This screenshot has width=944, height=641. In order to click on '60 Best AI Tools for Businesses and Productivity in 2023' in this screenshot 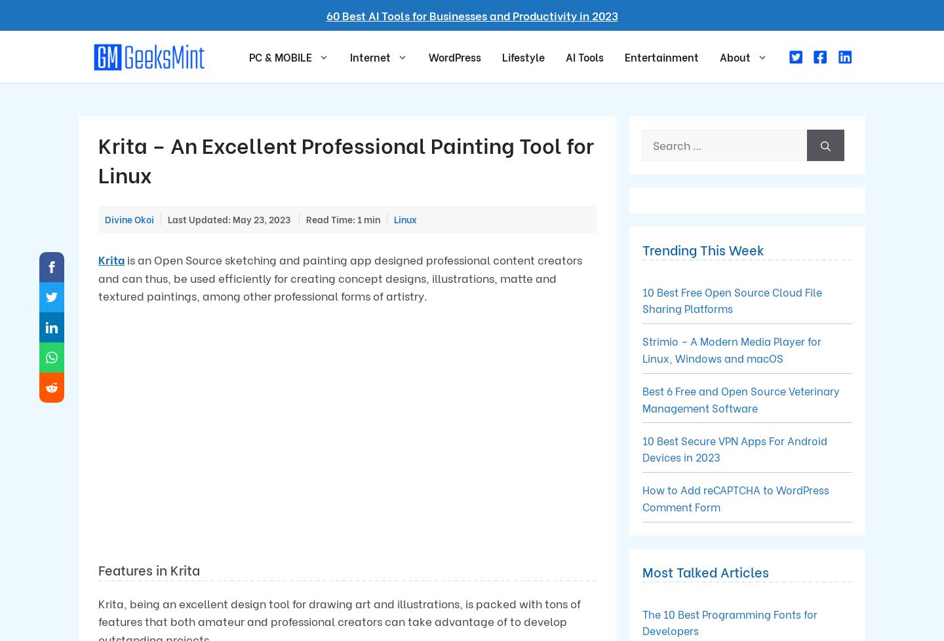, I will do `click(324, 15)`.